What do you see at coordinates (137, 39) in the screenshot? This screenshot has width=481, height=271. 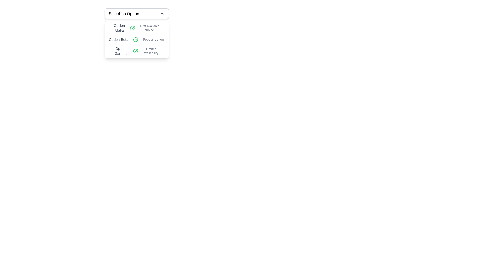 I see `the second item in the dropdown menu labeled 'Option Beta' which contains a green circular checkmark icon and the text 'Popular option.'` at bounding box center [137, 39].